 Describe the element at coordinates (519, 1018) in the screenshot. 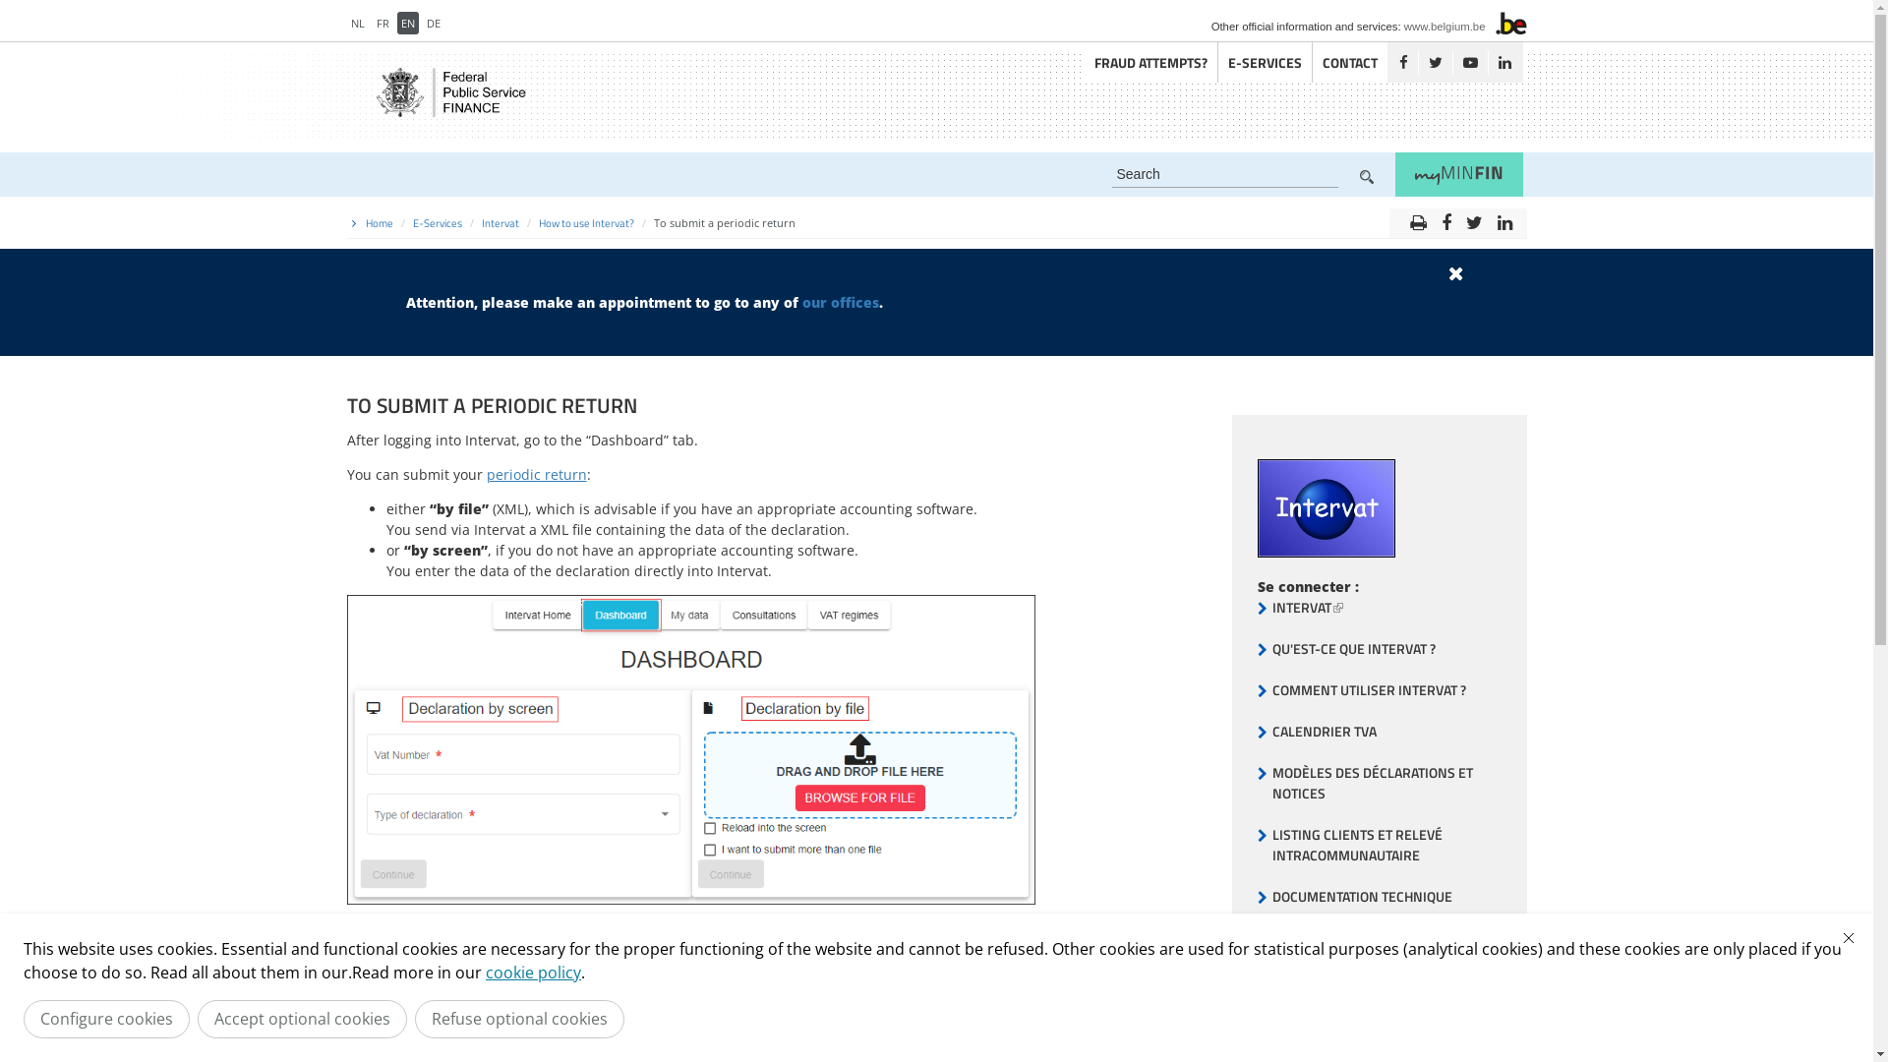

I see `'Refuse optional cookies'` at that location.